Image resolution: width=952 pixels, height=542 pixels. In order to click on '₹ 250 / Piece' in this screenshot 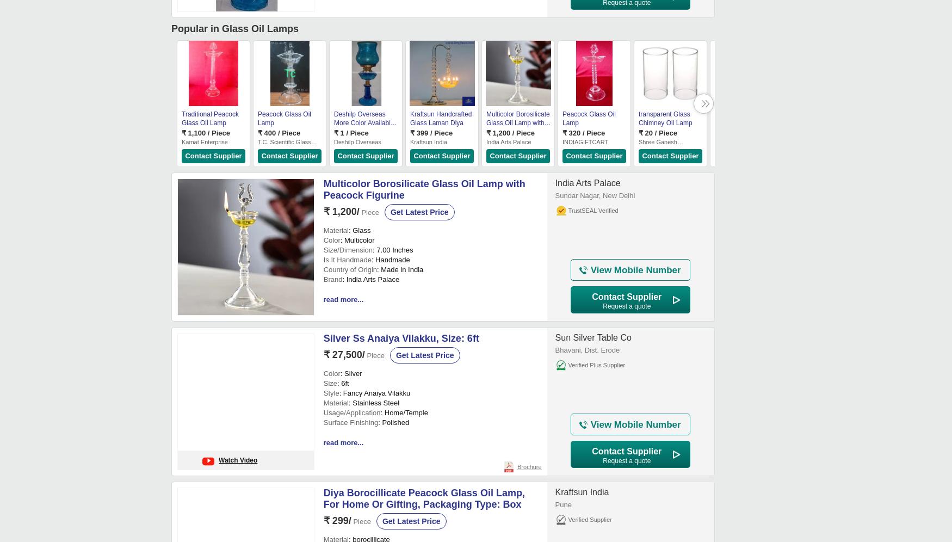, I will do `click(735, 132)`.